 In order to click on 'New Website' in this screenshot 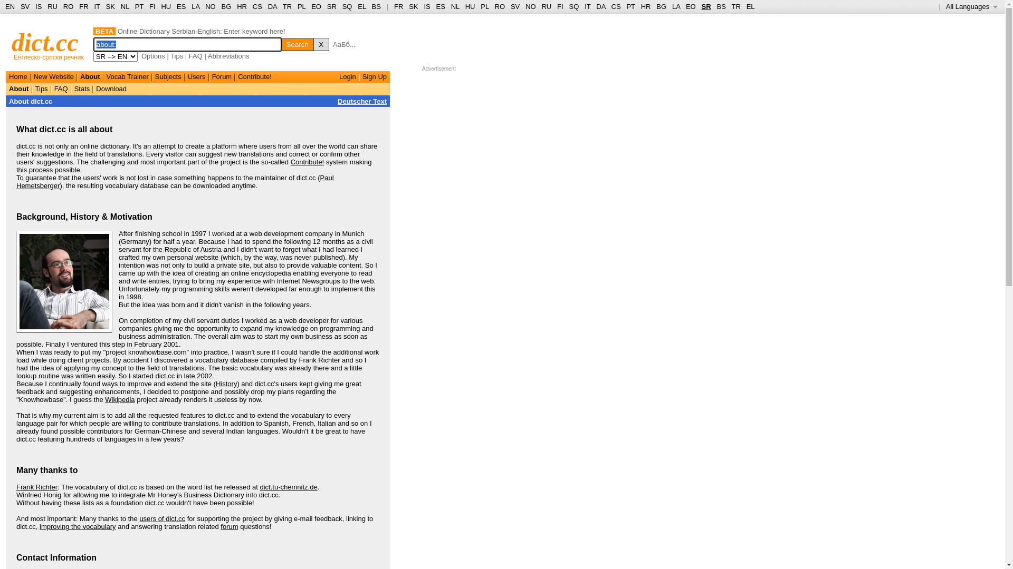, I will do `click(53, 76)`.